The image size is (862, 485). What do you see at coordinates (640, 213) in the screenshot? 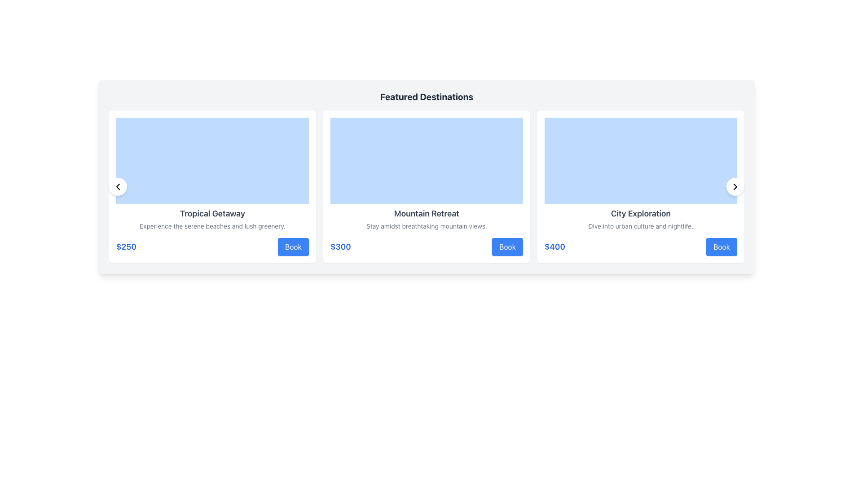
I see `text label that says 'City Exploration', which is centrally aligned in a white card beneath an image area` at bounding box center [640, 213].